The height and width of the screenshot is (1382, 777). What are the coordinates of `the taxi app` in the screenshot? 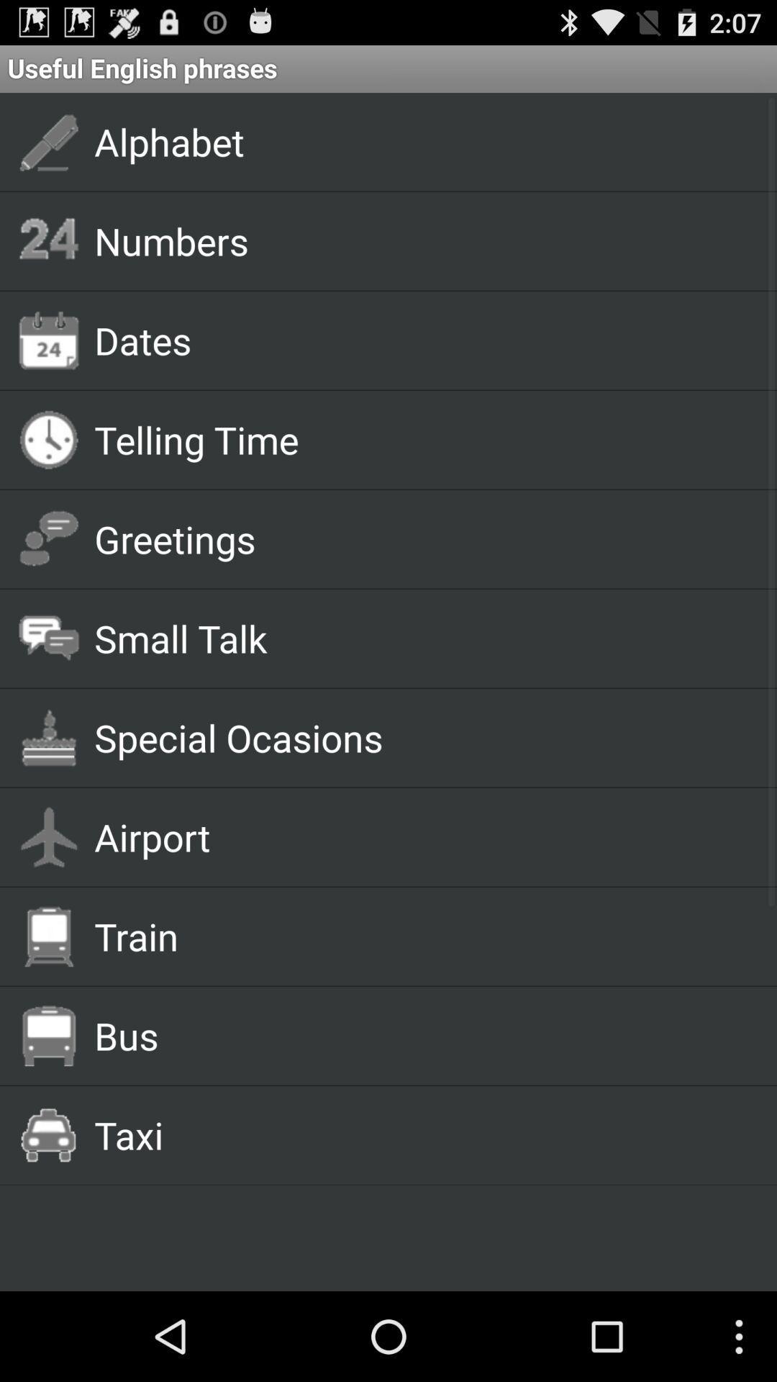 It's located at (419, 1134).